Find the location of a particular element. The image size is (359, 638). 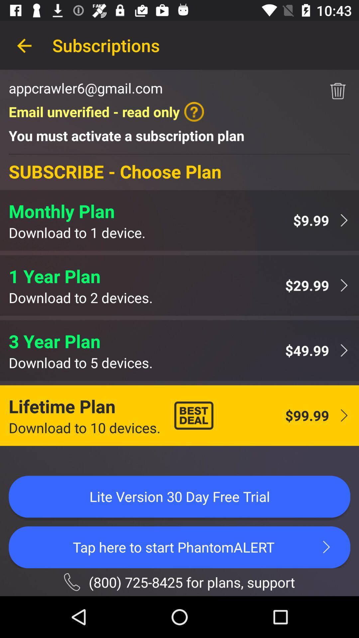

item below the appcrawler6@gmail.com icon is located at coordinates (106, 112).